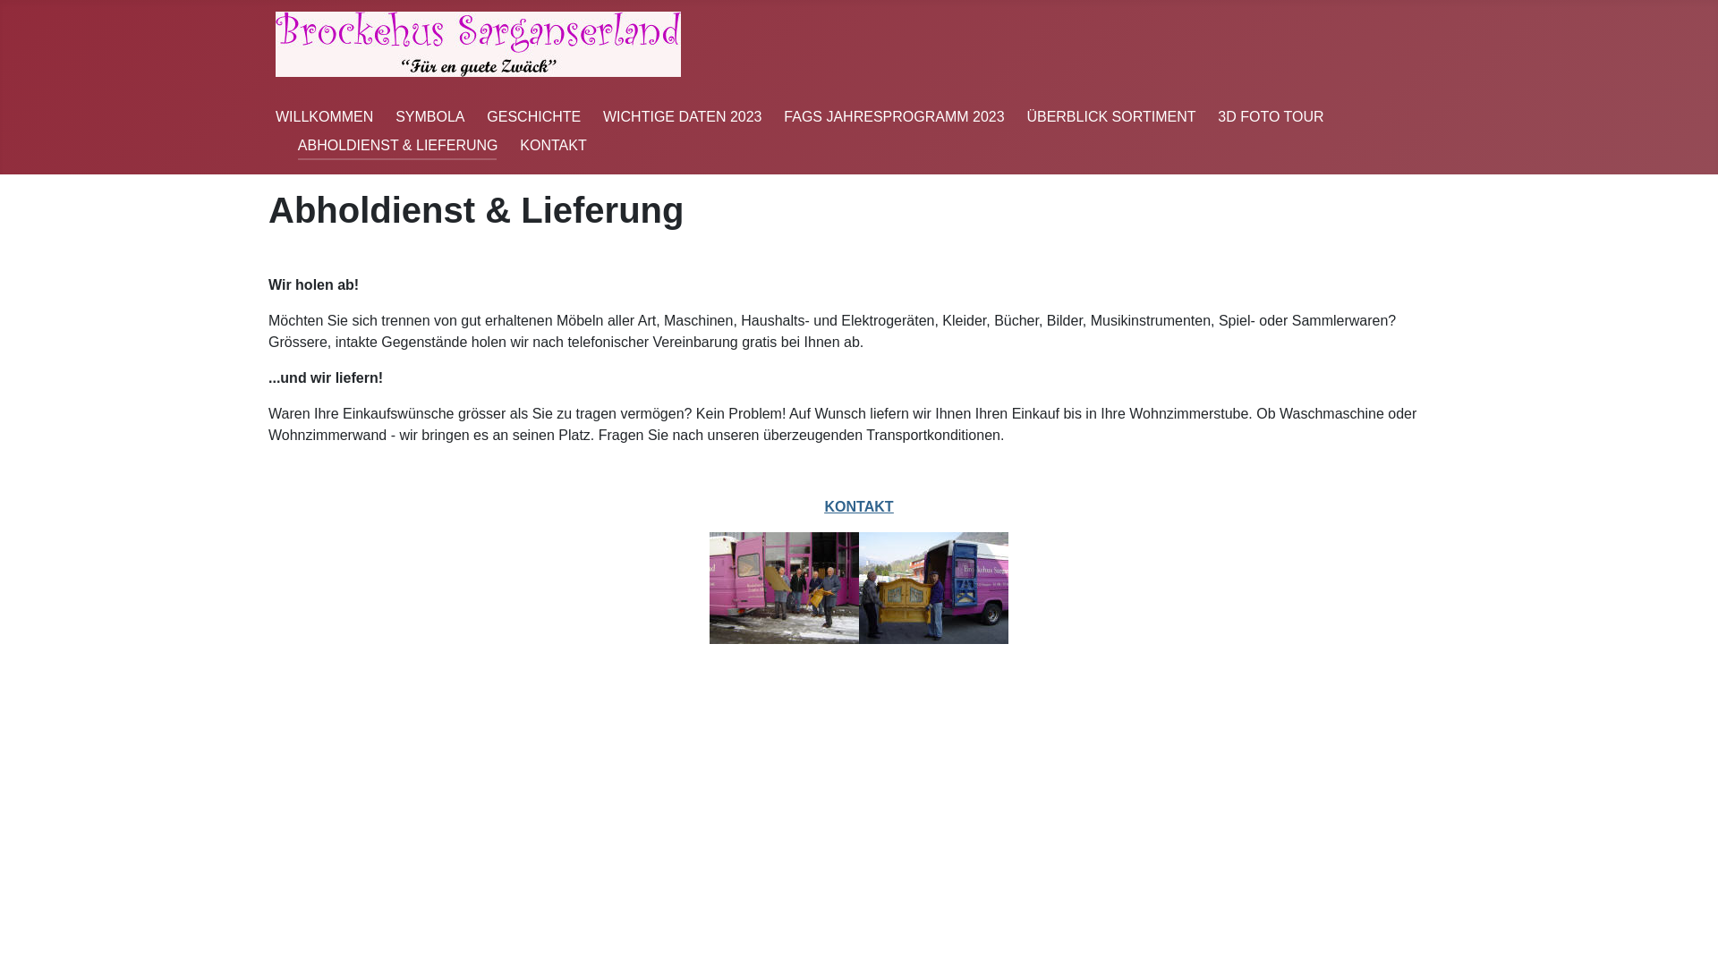 The width and height of the screenshot is (1718, 966). Describe the element at coordinates (324, 116) in the screenshot. I see `'WILLKOMMEN'` at that location.